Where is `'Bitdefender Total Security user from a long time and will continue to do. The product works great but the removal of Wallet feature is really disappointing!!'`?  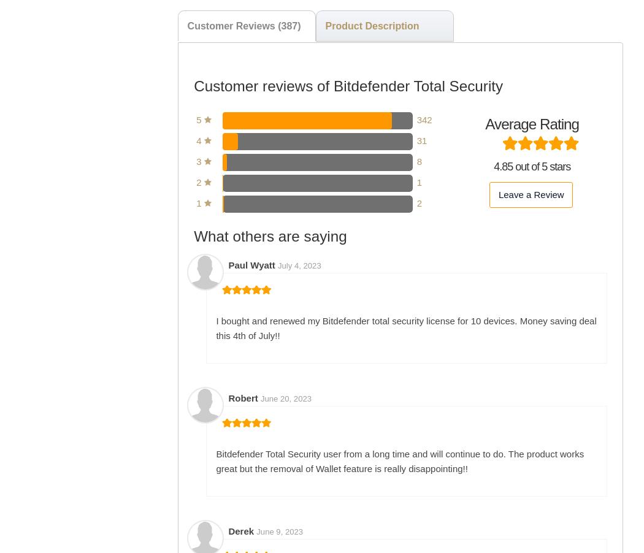
'Bitdefender Total Security user from a long time and will continue to do. The product works great but the removal of Wallet feature is really disappointing!!' is located at coordinates (399, 460).